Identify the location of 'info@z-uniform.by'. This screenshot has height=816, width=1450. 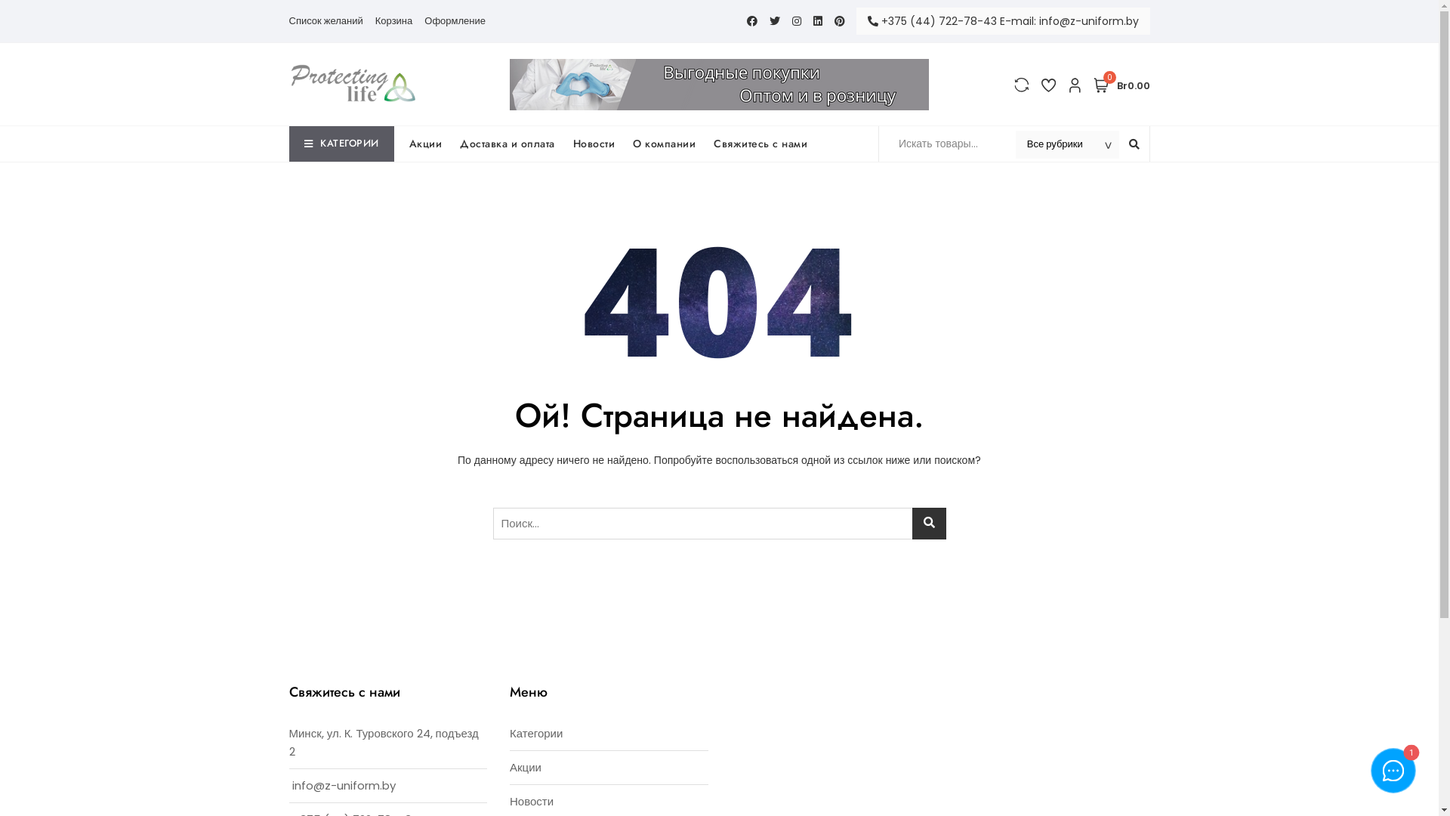
(342, 784).